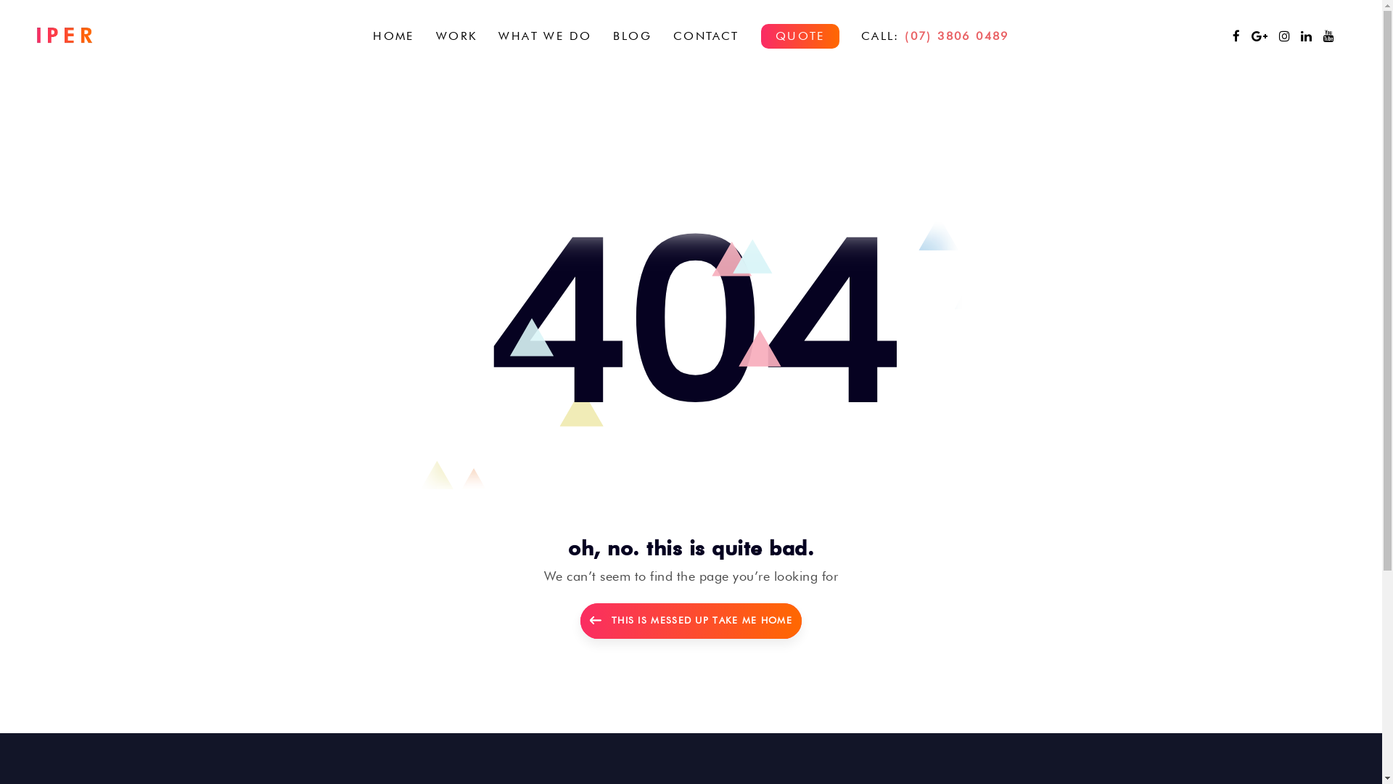 The width and height of the screenshot is (1393, 784). What do you see at coordinates (543, 35) in the screenshot?
I see `'WHAT WE DO'` at bounding box center [543, 35].